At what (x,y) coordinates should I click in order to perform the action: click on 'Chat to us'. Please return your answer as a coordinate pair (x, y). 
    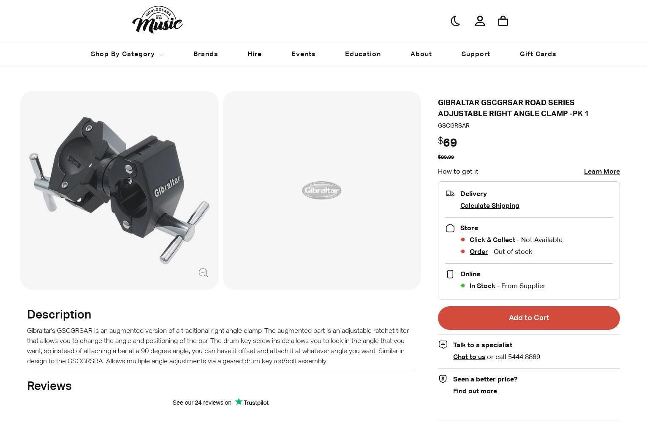
    Looking at the image, I should click on (469, 356).